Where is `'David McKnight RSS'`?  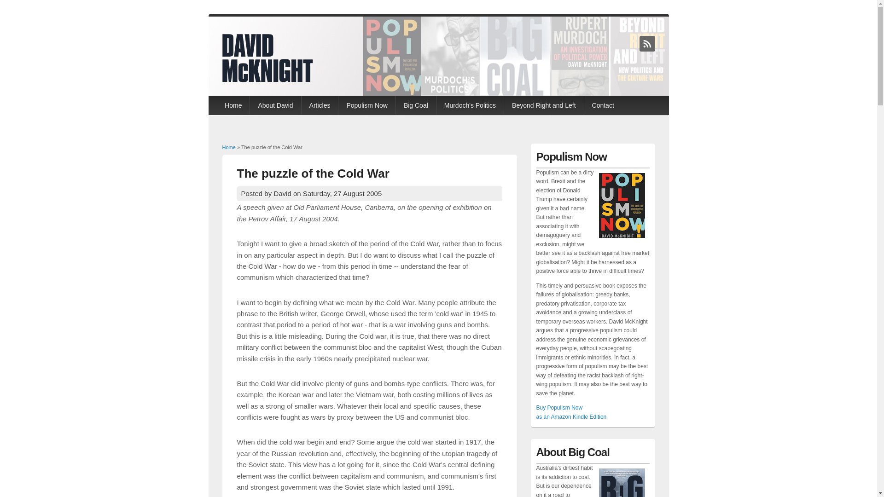 'David McKnight RSS' is located at coordinates (646, 44).